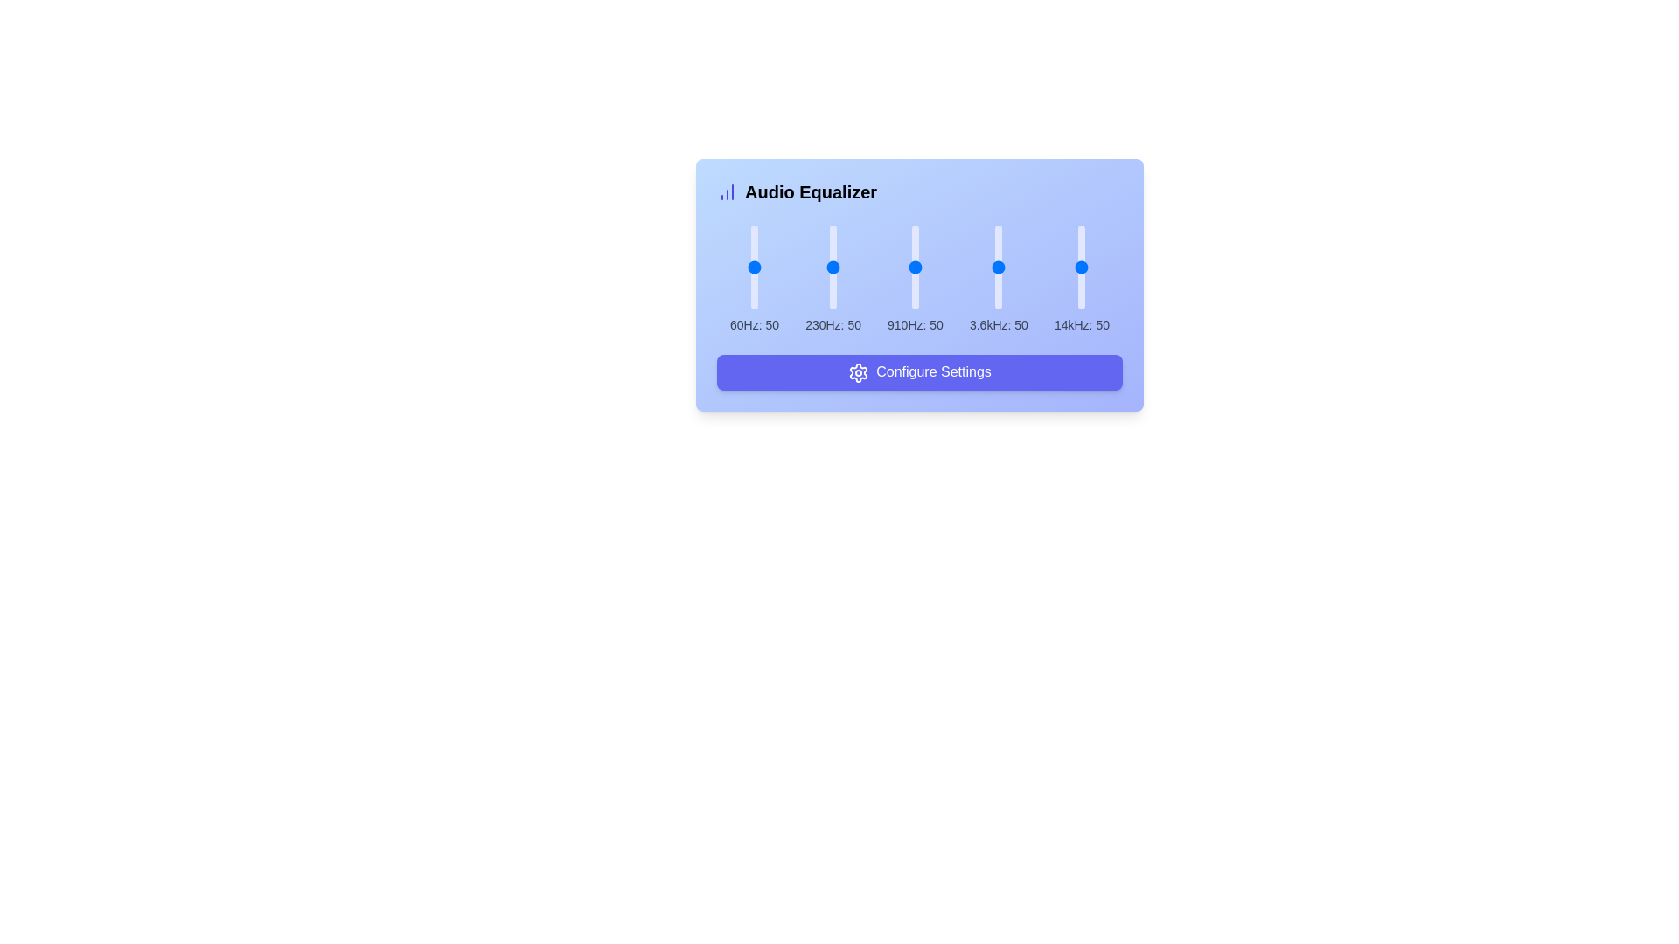 This screenshot has height=944, width=1679. What do you see at coordinates (999, 293) in the screenshot?
I see `the 3.6kHz audio equalizer slider` at bounding box center [999, 293].